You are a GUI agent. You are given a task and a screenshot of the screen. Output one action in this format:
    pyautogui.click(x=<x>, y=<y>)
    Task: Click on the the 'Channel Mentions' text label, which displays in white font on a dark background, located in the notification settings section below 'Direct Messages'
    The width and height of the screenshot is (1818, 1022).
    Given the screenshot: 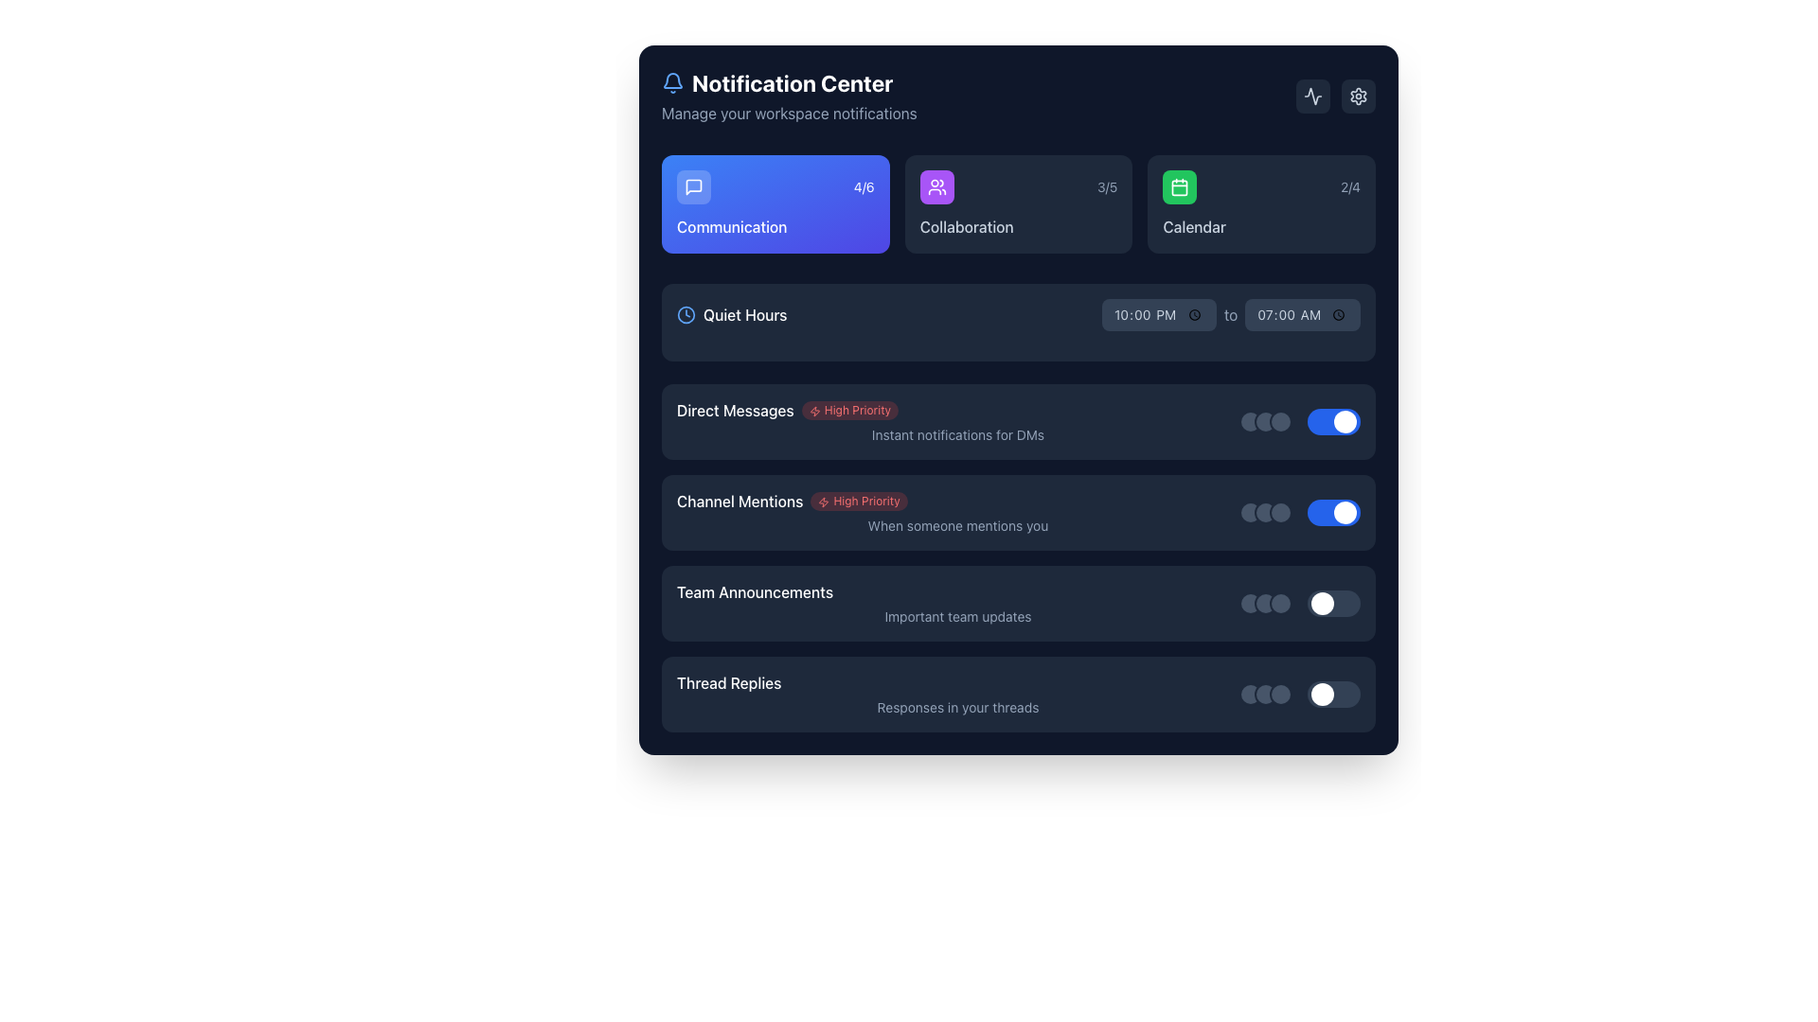 What is the action you would take?
    pyautogui.click(x=739, y=500)
    